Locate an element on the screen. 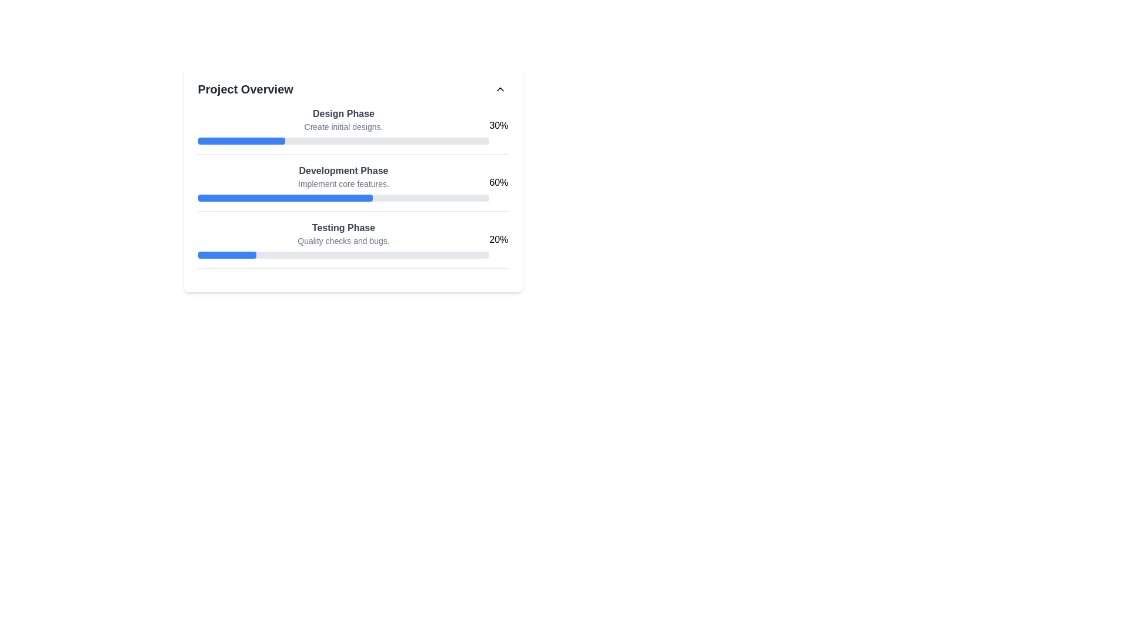 The image size is (1129, 635). phase descriptions from the progress overview element that displays the completion status of Design Phase, Development Phase, and Testing Phase is located at coordinates (352, 179).